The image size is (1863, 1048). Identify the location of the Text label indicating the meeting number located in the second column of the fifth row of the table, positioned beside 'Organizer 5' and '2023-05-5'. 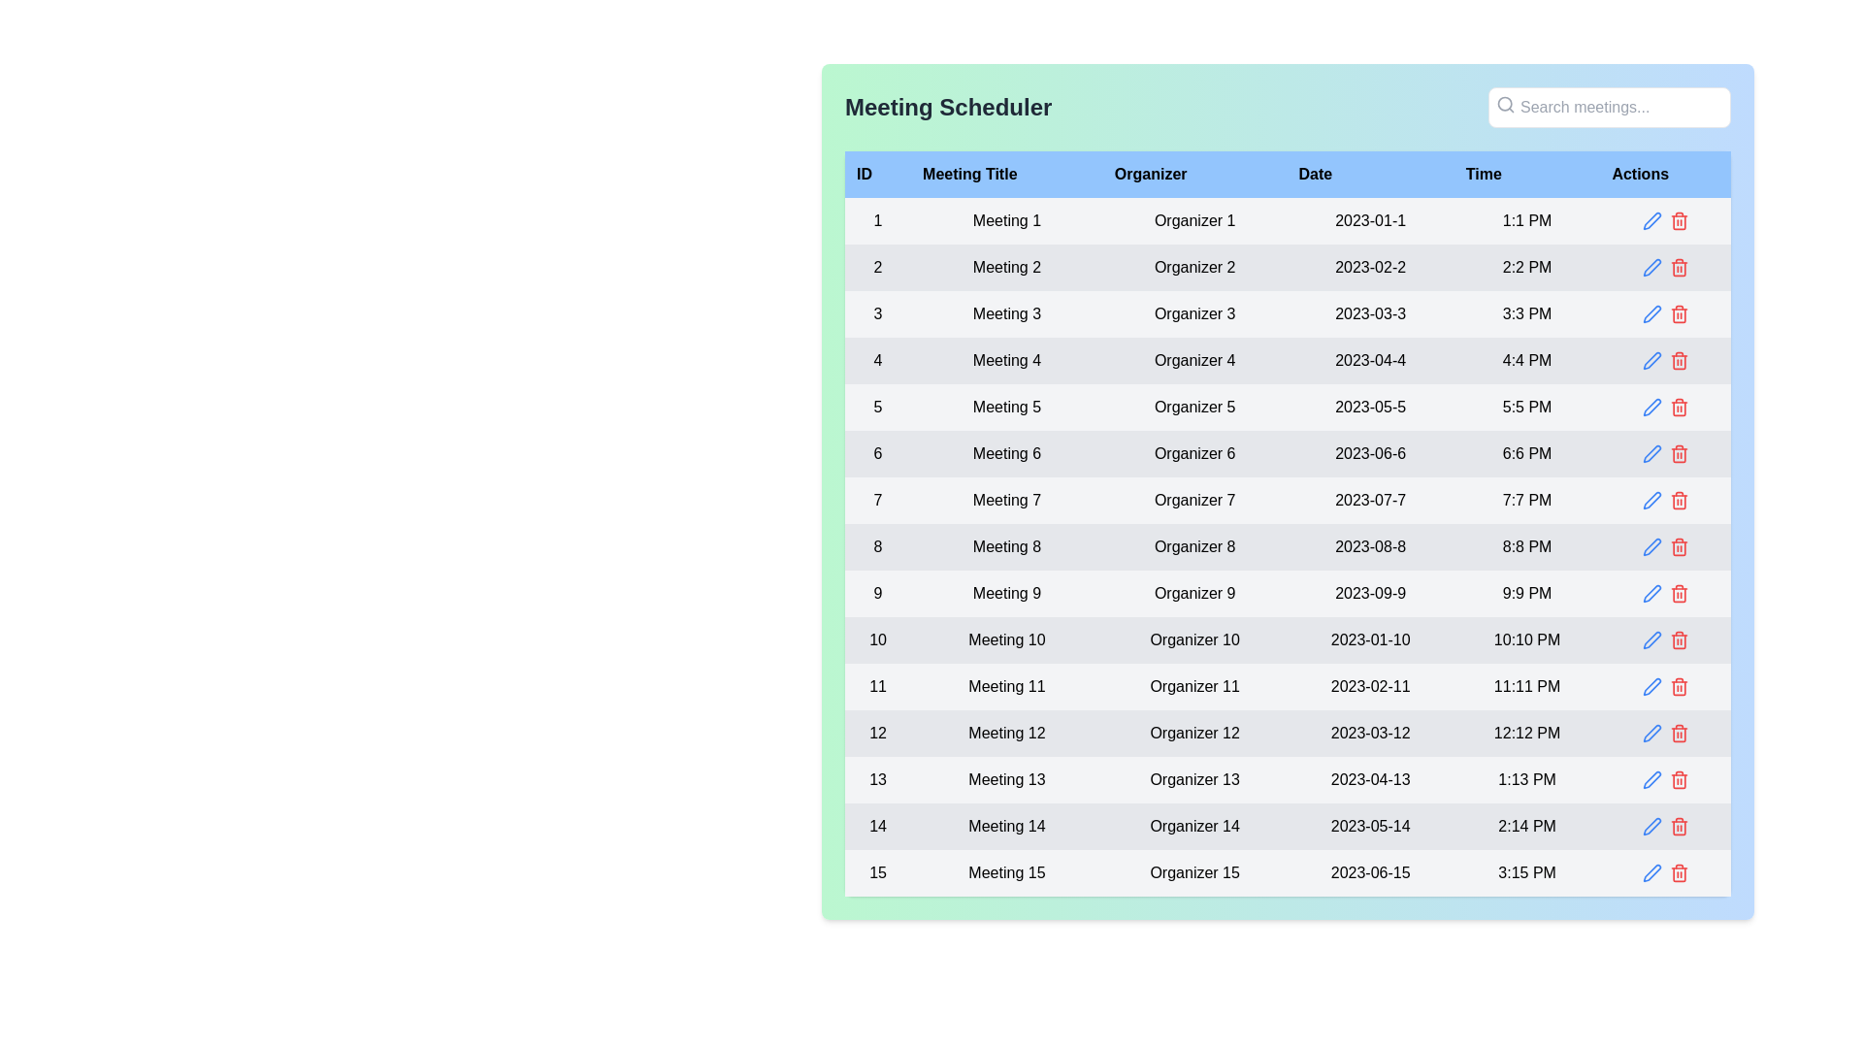
(1006, 407).